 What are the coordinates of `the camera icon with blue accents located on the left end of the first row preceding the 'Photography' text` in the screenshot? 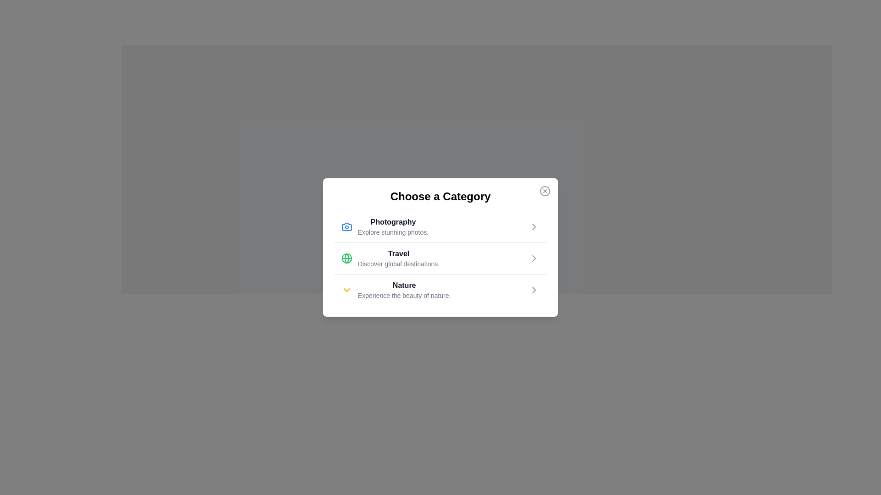 It's located at (346, 226).